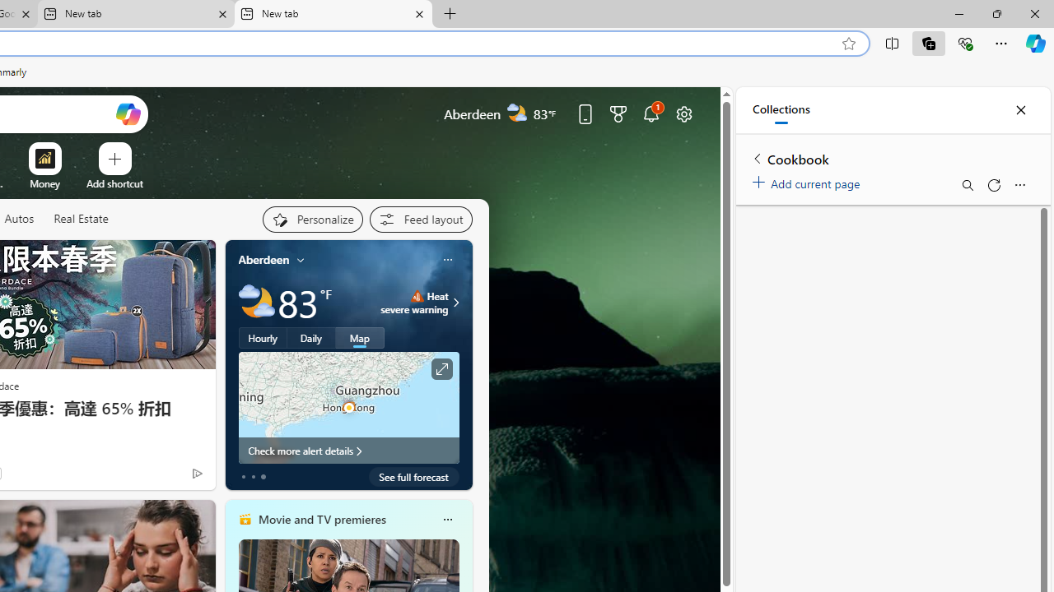  I want to click on 'Real Estate', so click(79, 219).